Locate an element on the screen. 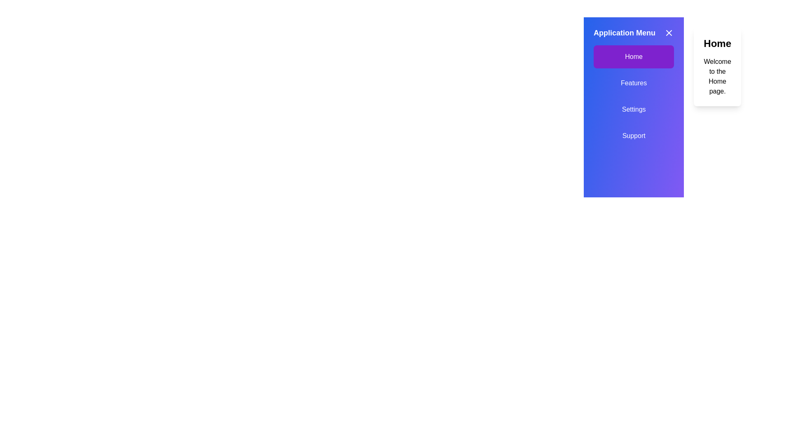 The height and width of the screenshot is (445, 791). the menu option Features is located at coordinates (633, 83).